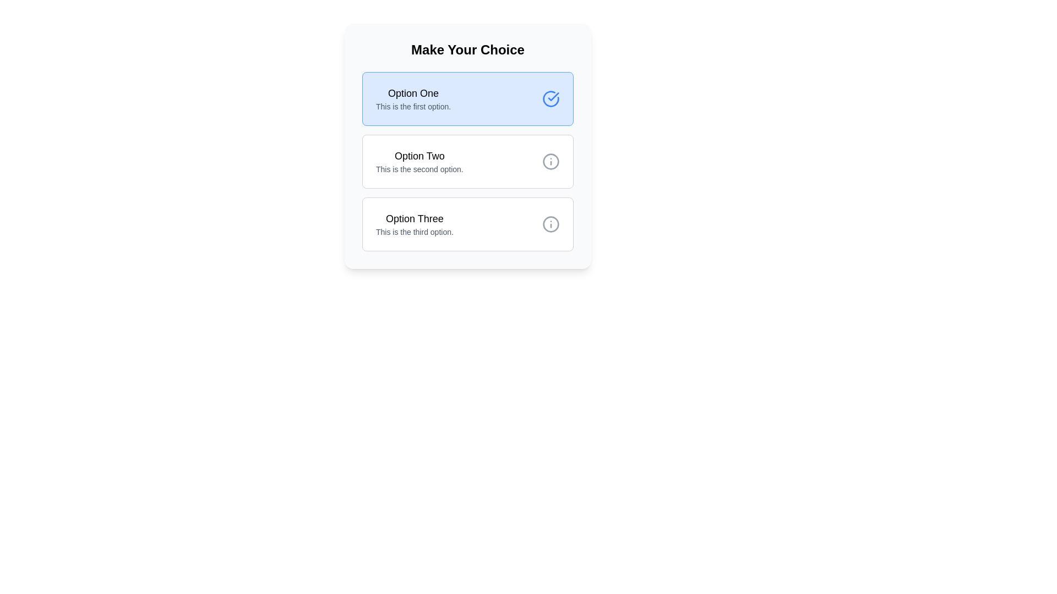 This screenshot has width=1057, height=594. Describe the element at coordinates (467, 50) in the screenshot. I see `the text label displaying 'Make Your Choice', which is centered at the top of the panel above the three option cards` at that location.